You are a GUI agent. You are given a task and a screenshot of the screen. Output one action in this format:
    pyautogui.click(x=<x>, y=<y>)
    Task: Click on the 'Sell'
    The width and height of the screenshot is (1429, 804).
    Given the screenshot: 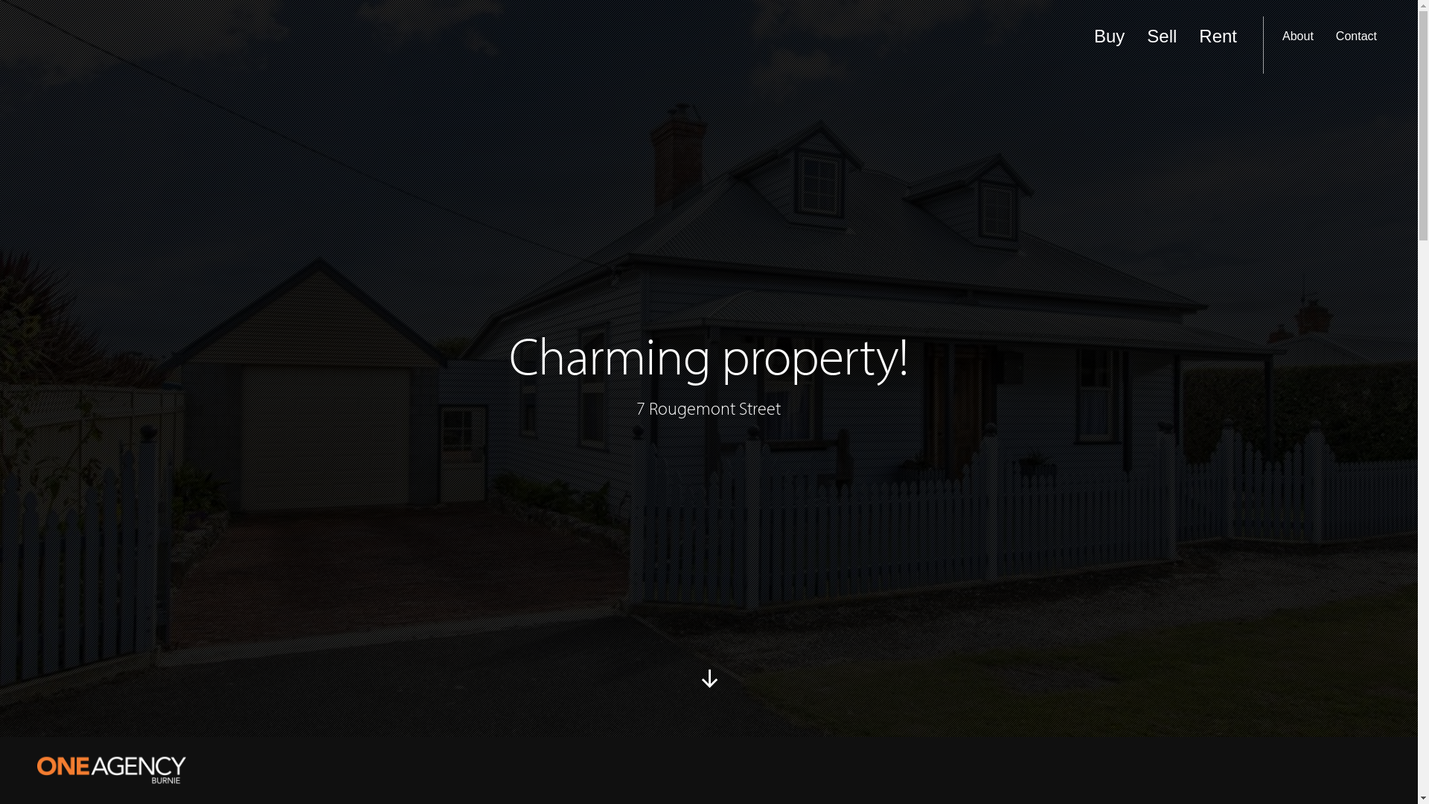 What is the action you would take?
    pyautogui.click(x=1135, y=44)
    